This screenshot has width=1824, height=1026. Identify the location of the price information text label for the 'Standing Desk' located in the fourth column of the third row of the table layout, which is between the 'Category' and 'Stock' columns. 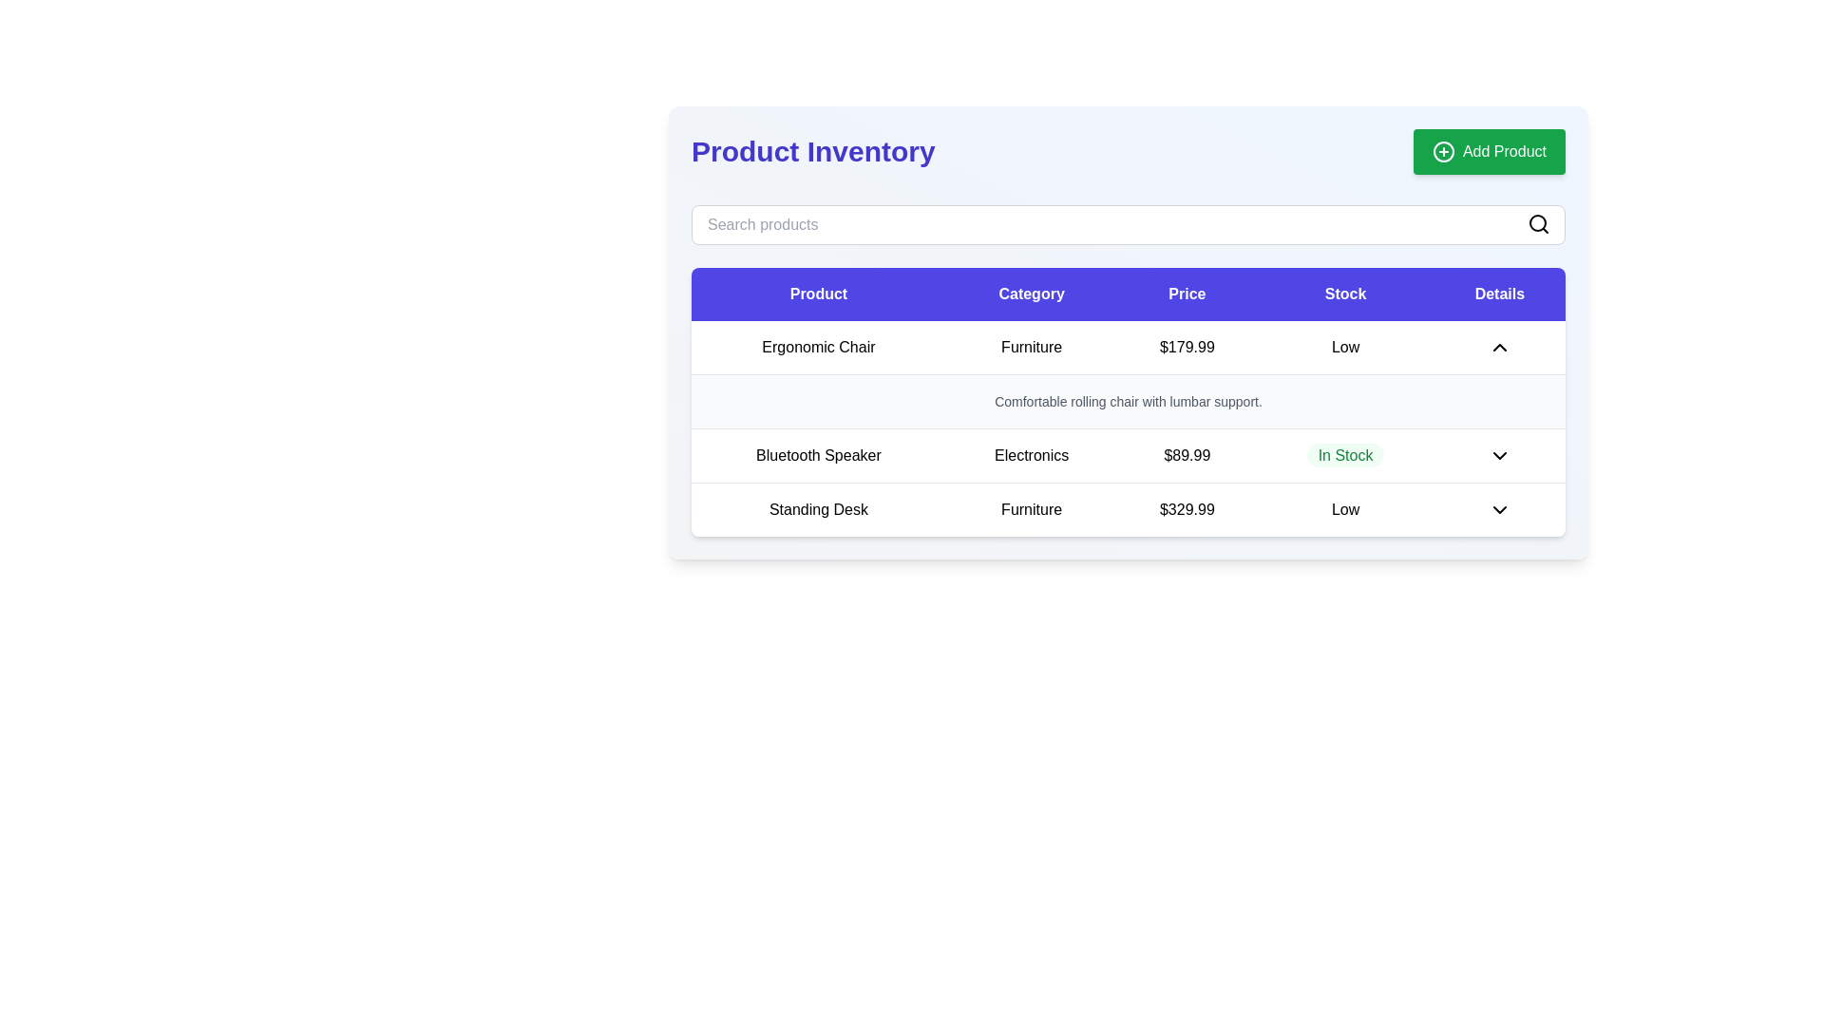
(1186, 508).